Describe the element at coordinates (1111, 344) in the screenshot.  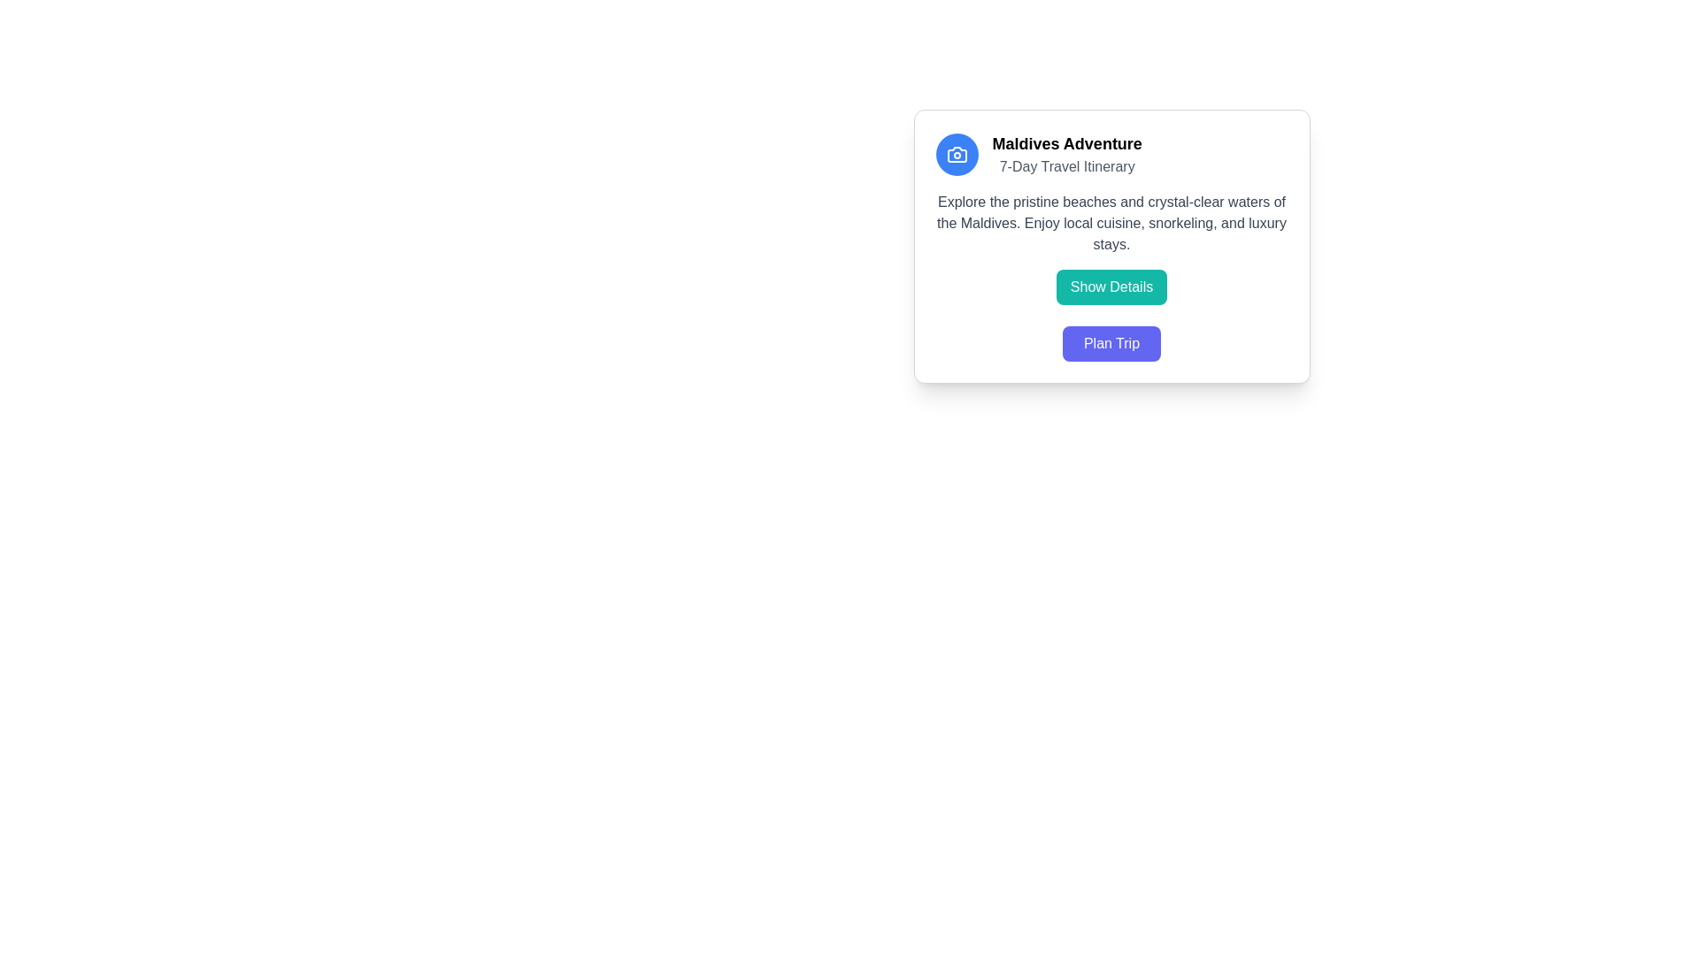
I see `the trip planning button located at the bottom of the 'Maldives Adventure' panel, just below the 'Show Details' green button` at that location.